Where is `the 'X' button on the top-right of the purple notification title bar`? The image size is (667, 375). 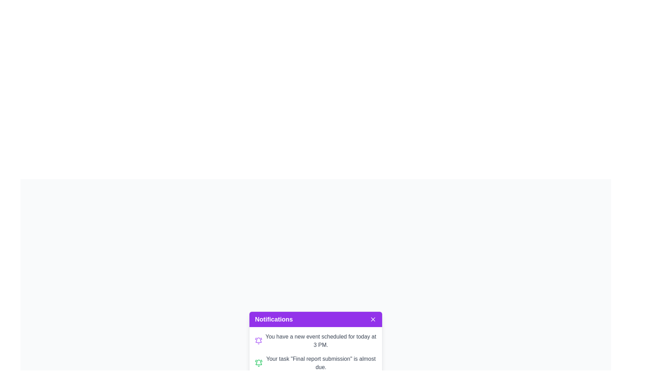 the 'X' button on the top-right of the purple notification title bar is located at coordinates (373, 319).